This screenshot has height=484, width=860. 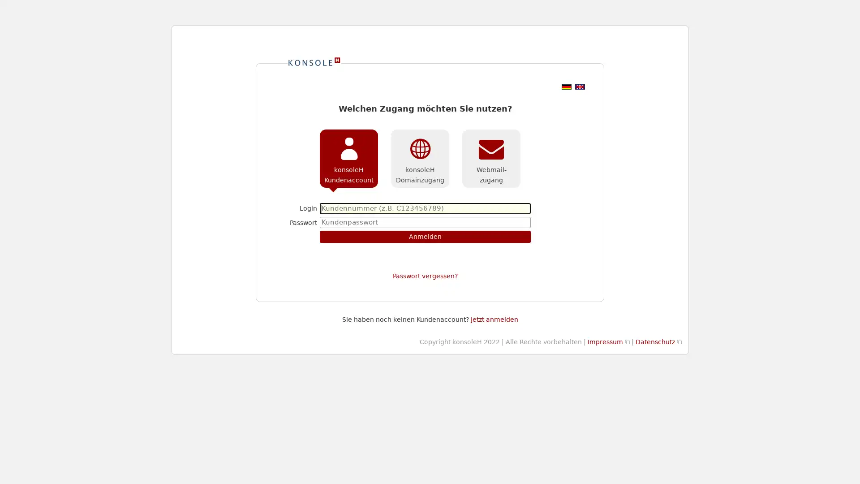 I want to click on Anmelden, so click(x=425, y=236).